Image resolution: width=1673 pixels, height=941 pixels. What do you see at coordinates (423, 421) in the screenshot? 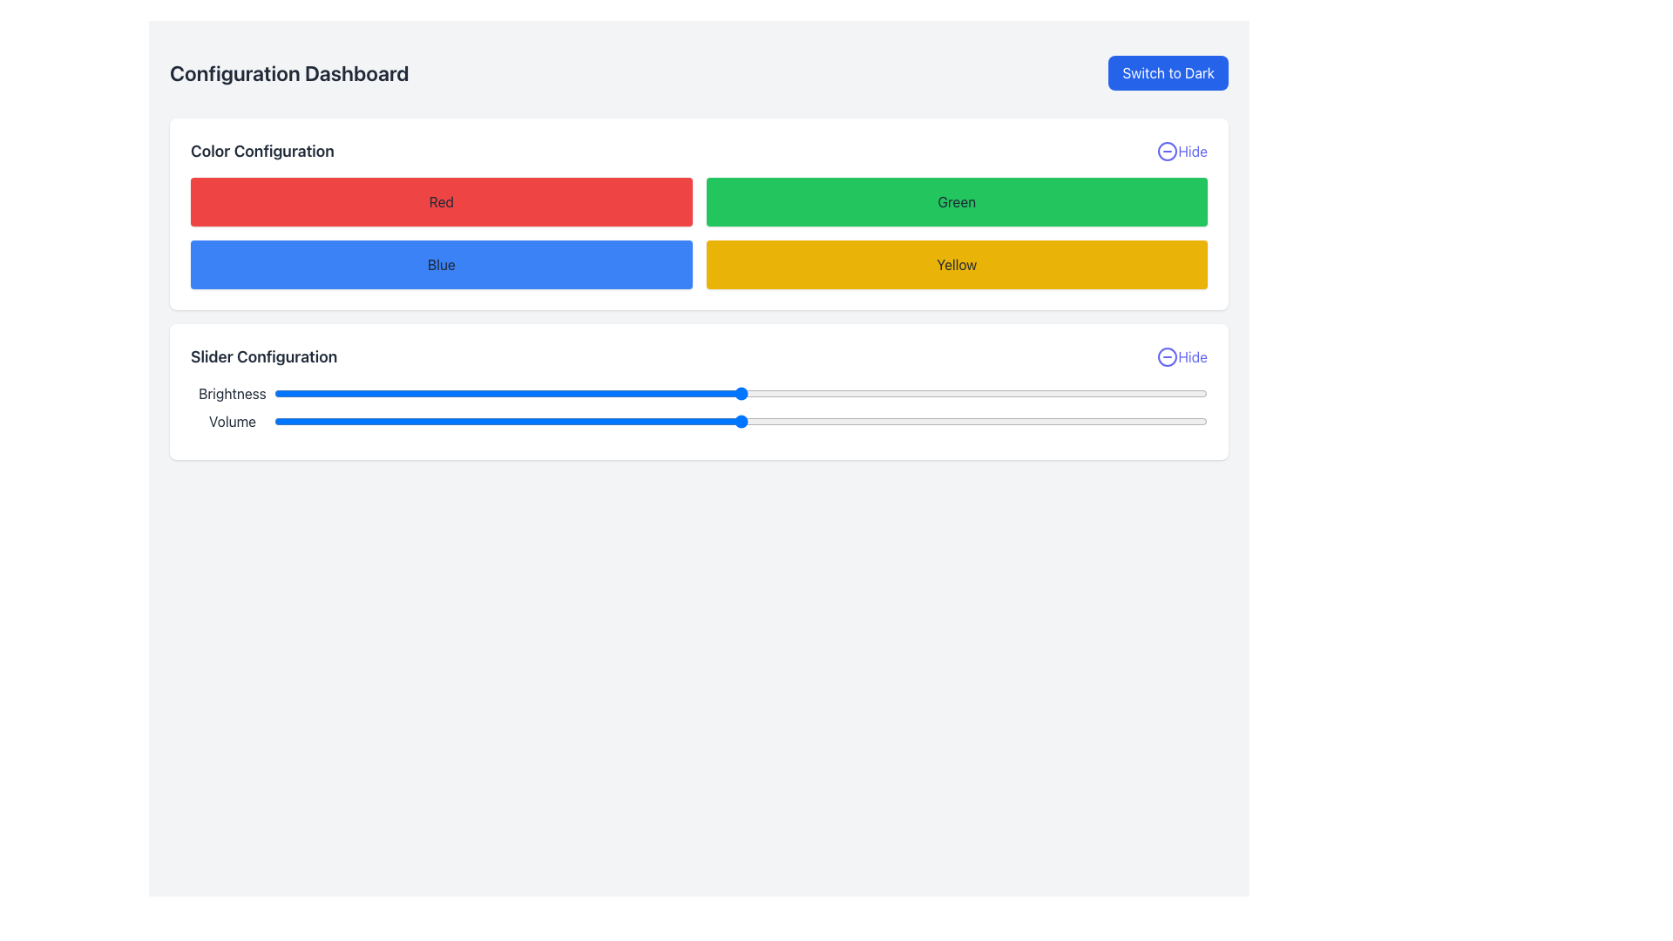
I see `volume` at bounding box center [423, 421].